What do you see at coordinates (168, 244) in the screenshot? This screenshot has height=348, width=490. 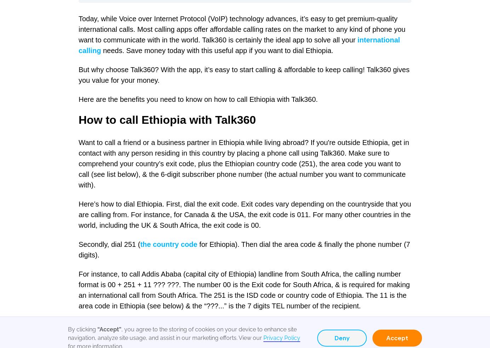 I see `'the country code'` at bounding box center [168, 244].